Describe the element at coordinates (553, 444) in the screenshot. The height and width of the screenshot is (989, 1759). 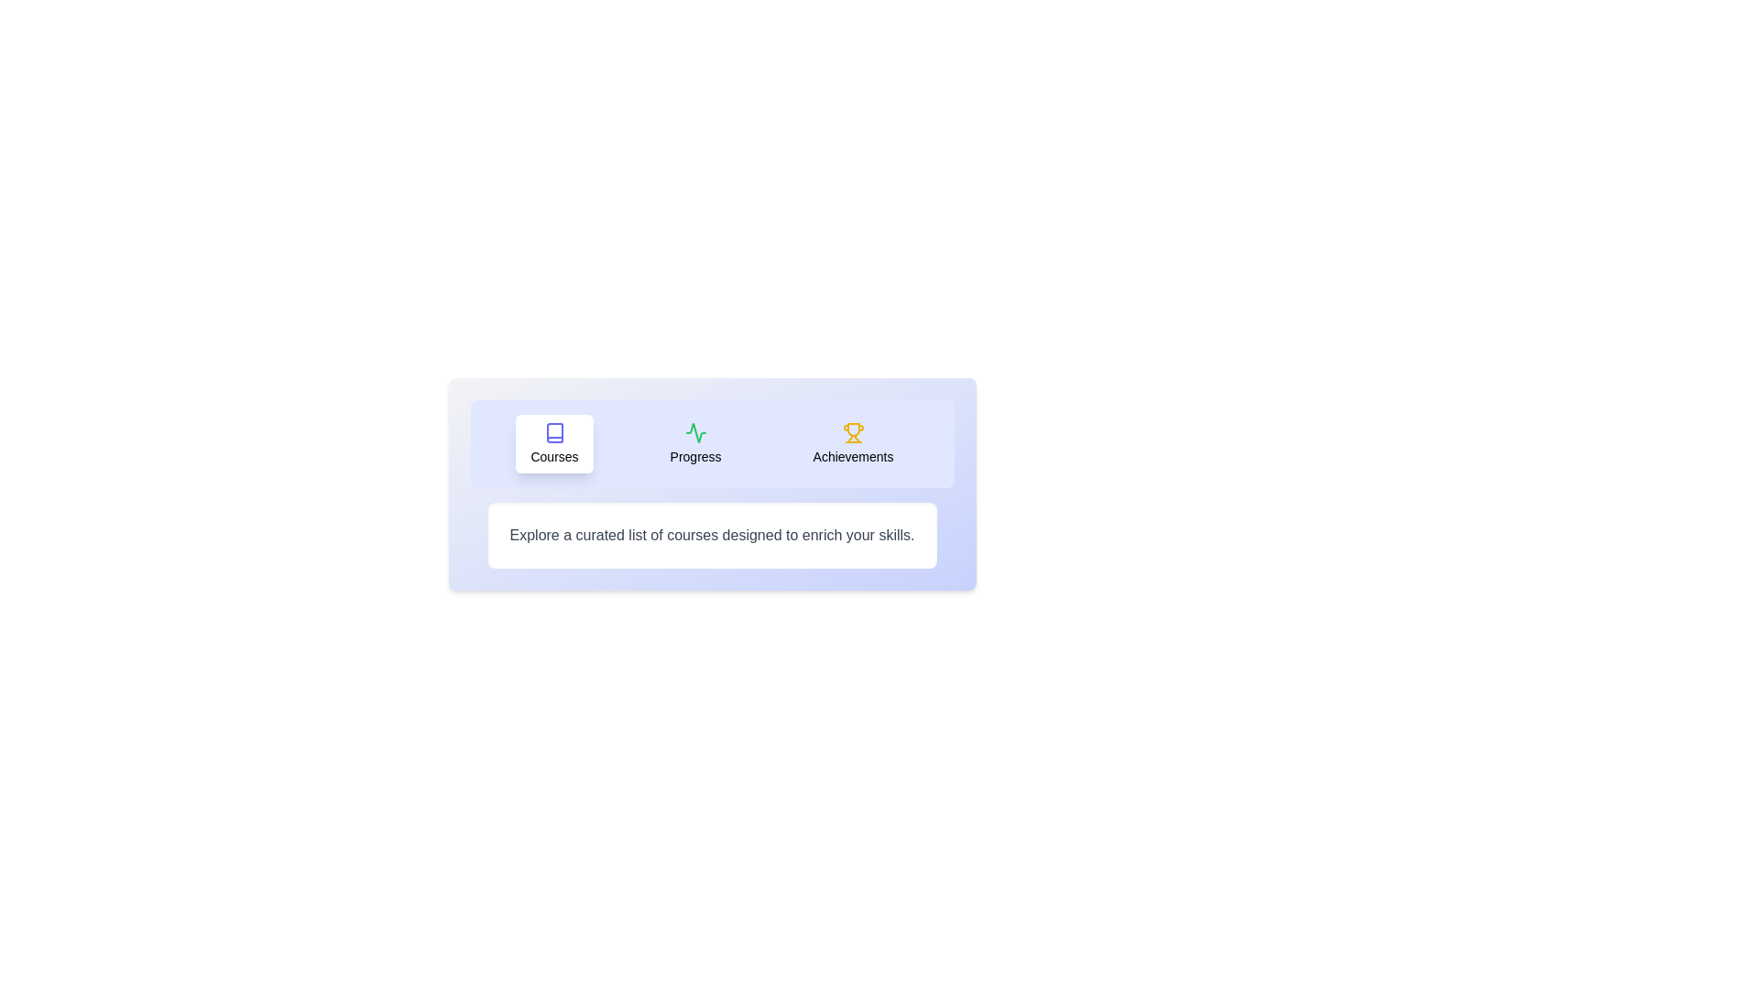
I see `the Courses tab by clicking on its button` at that location.